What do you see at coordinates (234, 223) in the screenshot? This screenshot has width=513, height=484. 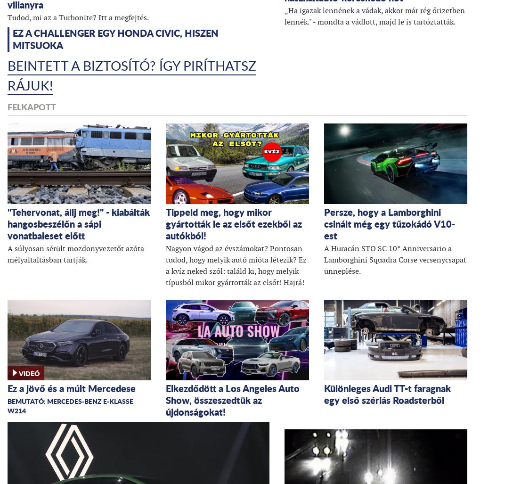 I see `'Tippeld meg, hogy mikor gyártották le az elsőt ezekből az autókból!'` at bounding box center [234, 223].